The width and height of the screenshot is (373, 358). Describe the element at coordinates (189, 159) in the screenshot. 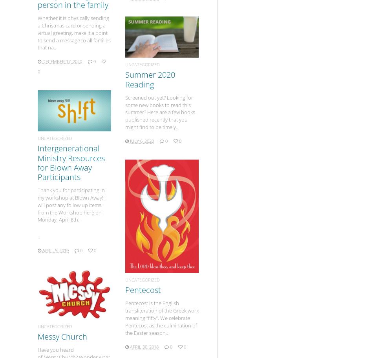

I see `'1'` at that location.